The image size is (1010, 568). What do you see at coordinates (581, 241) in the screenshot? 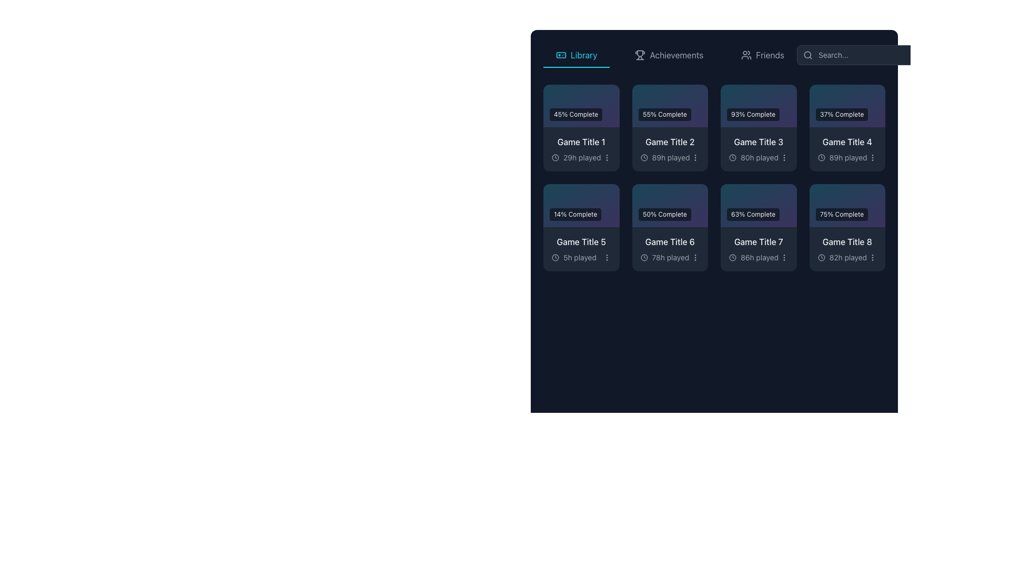
I see `the text label displaying 'Game Title 5' located in the lower section of a card layout, beneath a progress indicator and above play time` at bounding box center [581, 241].